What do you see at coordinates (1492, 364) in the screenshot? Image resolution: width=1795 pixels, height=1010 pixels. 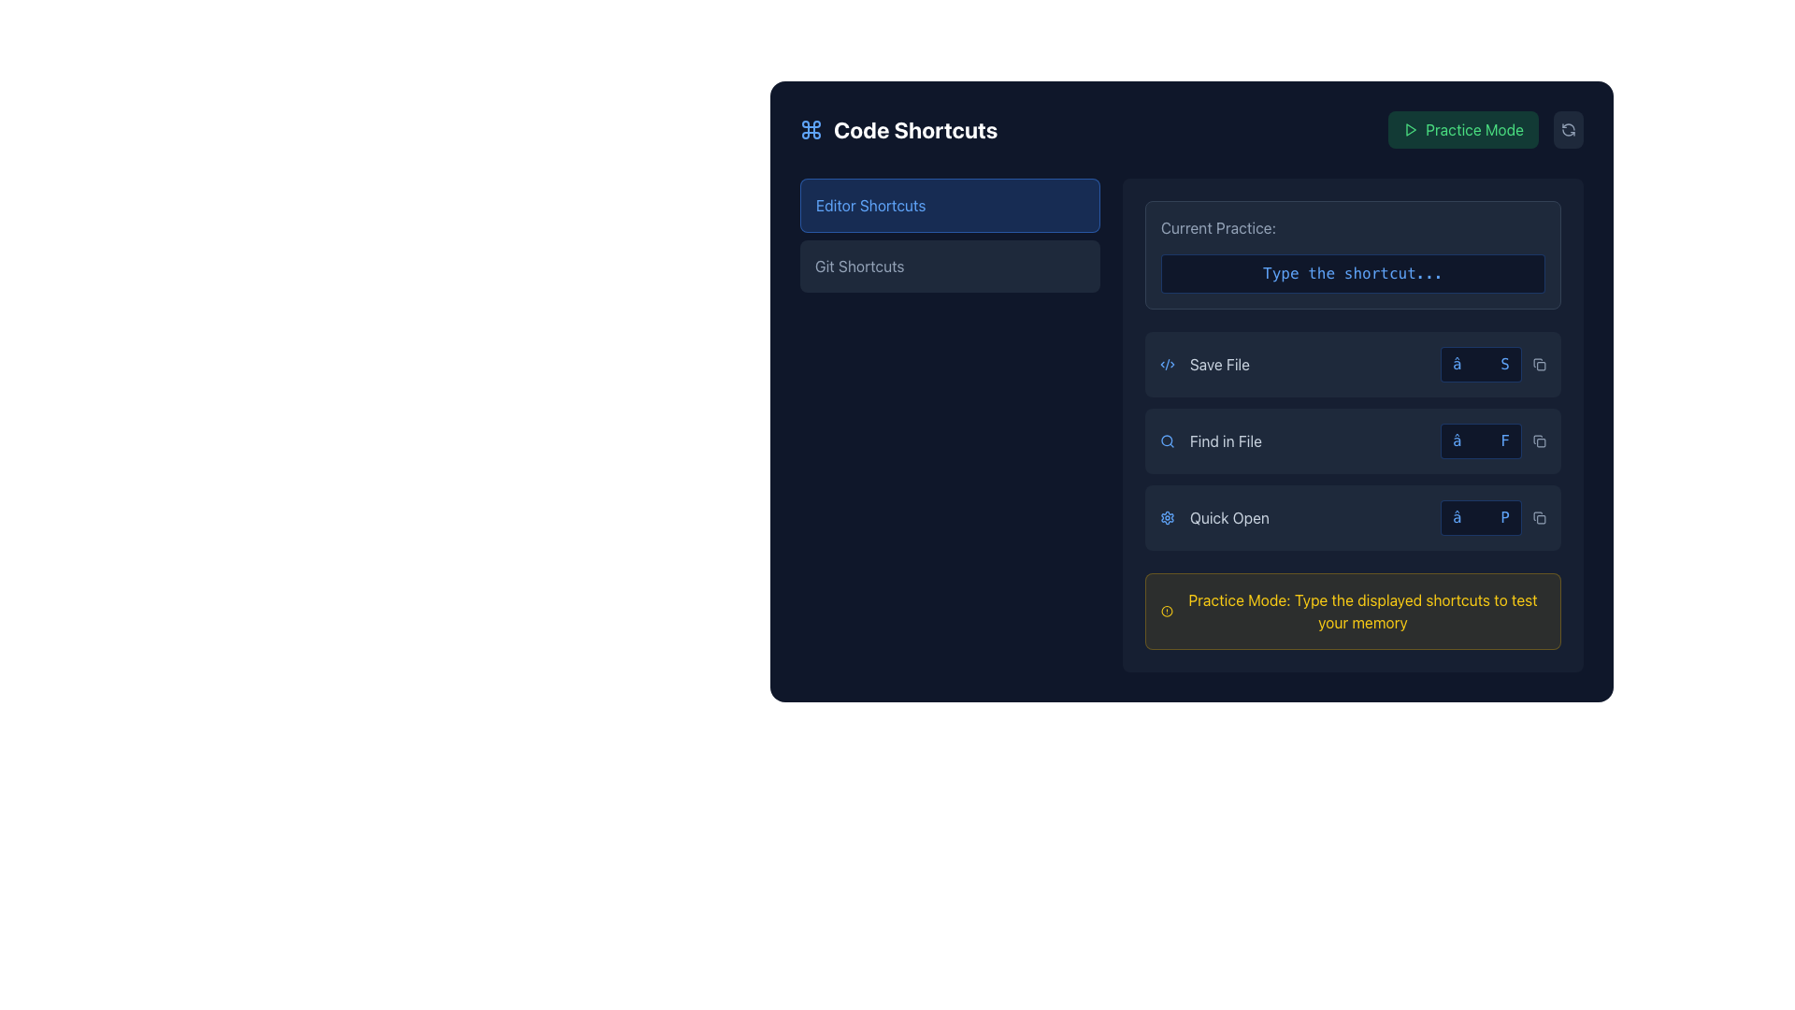 I see `the text label displaying '⌘ S' with a rounded border that is part of the shortcut descriptors under the 'Save File' label` at bounding box center [1492, 364].